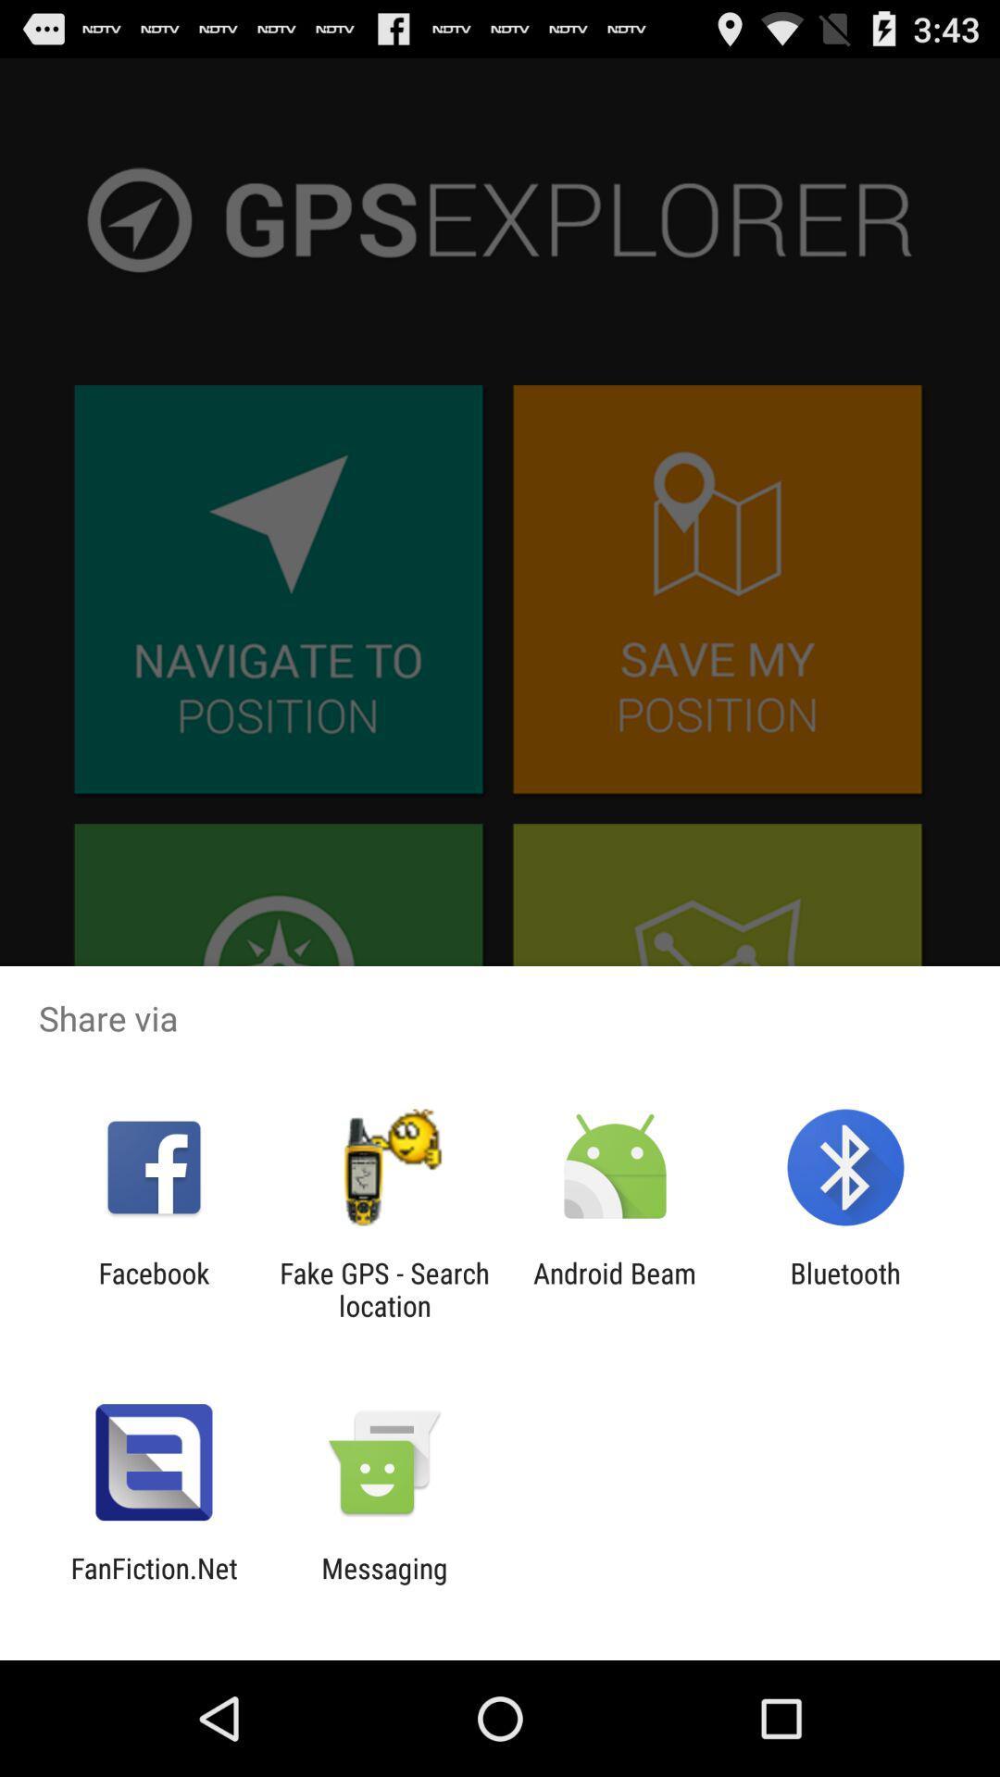  Describe the element at coordinates (153, 1288) in the screenshot. I see `the facebook item` at that location.